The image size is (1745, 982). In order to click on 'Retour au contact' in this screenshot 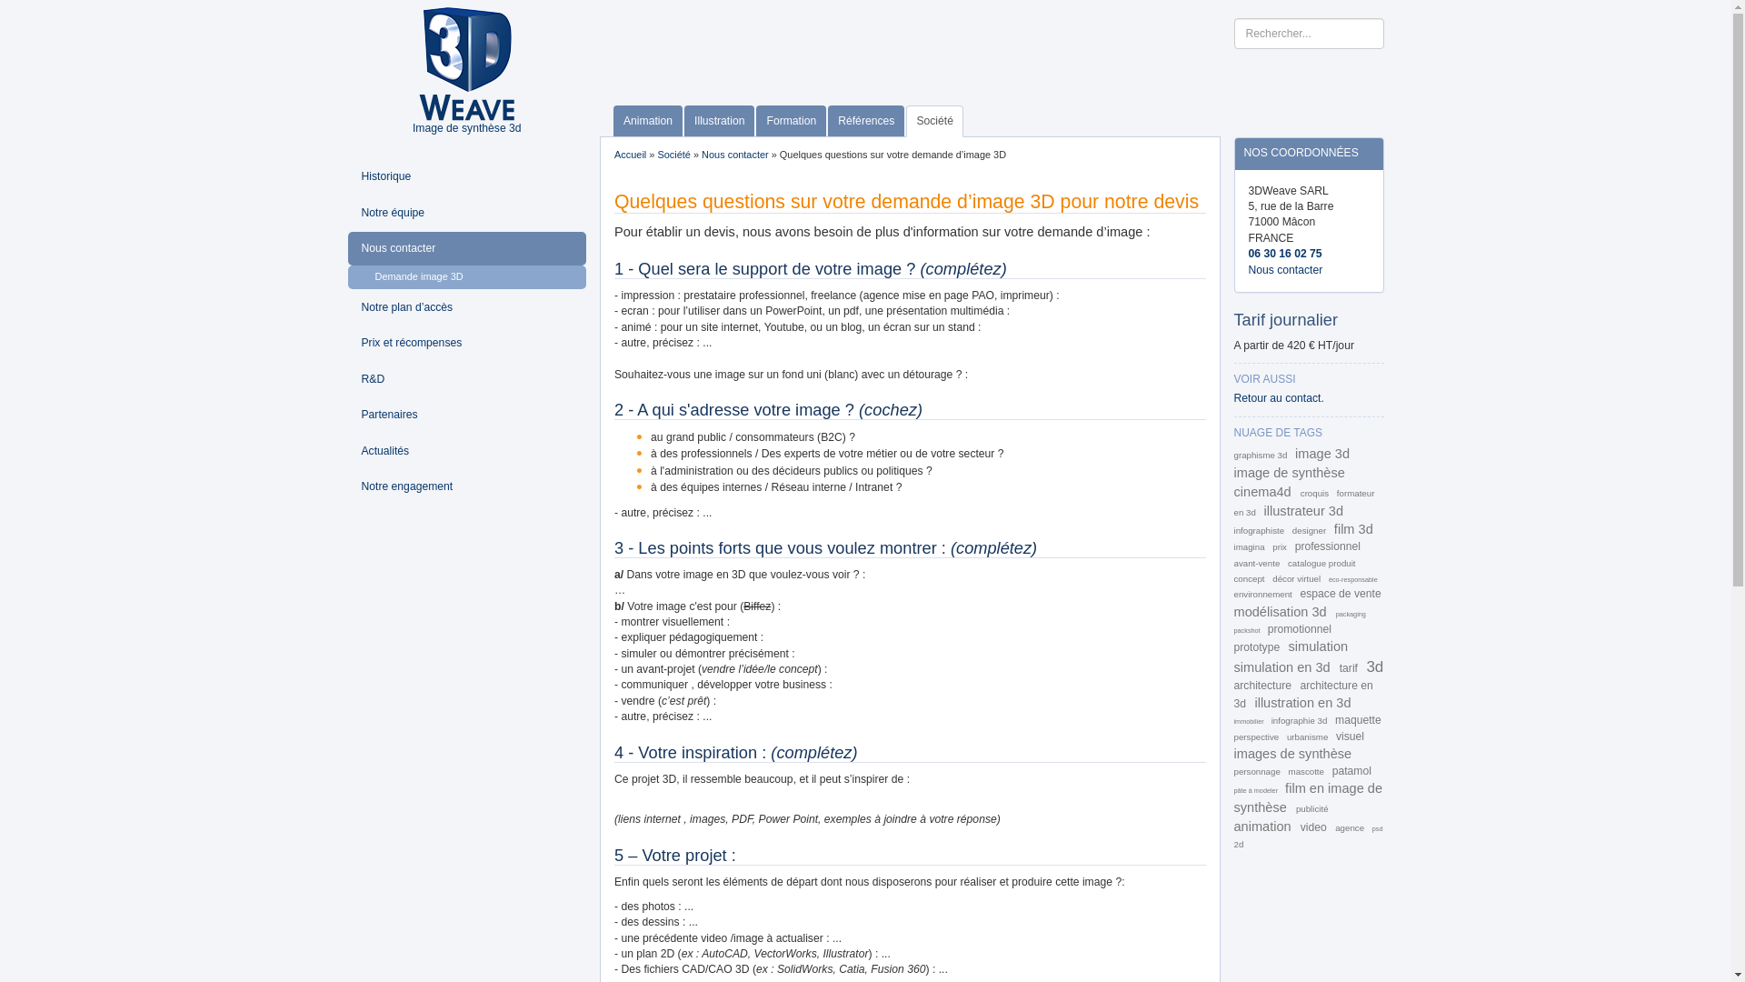, I will do `click(1234, 397)`.